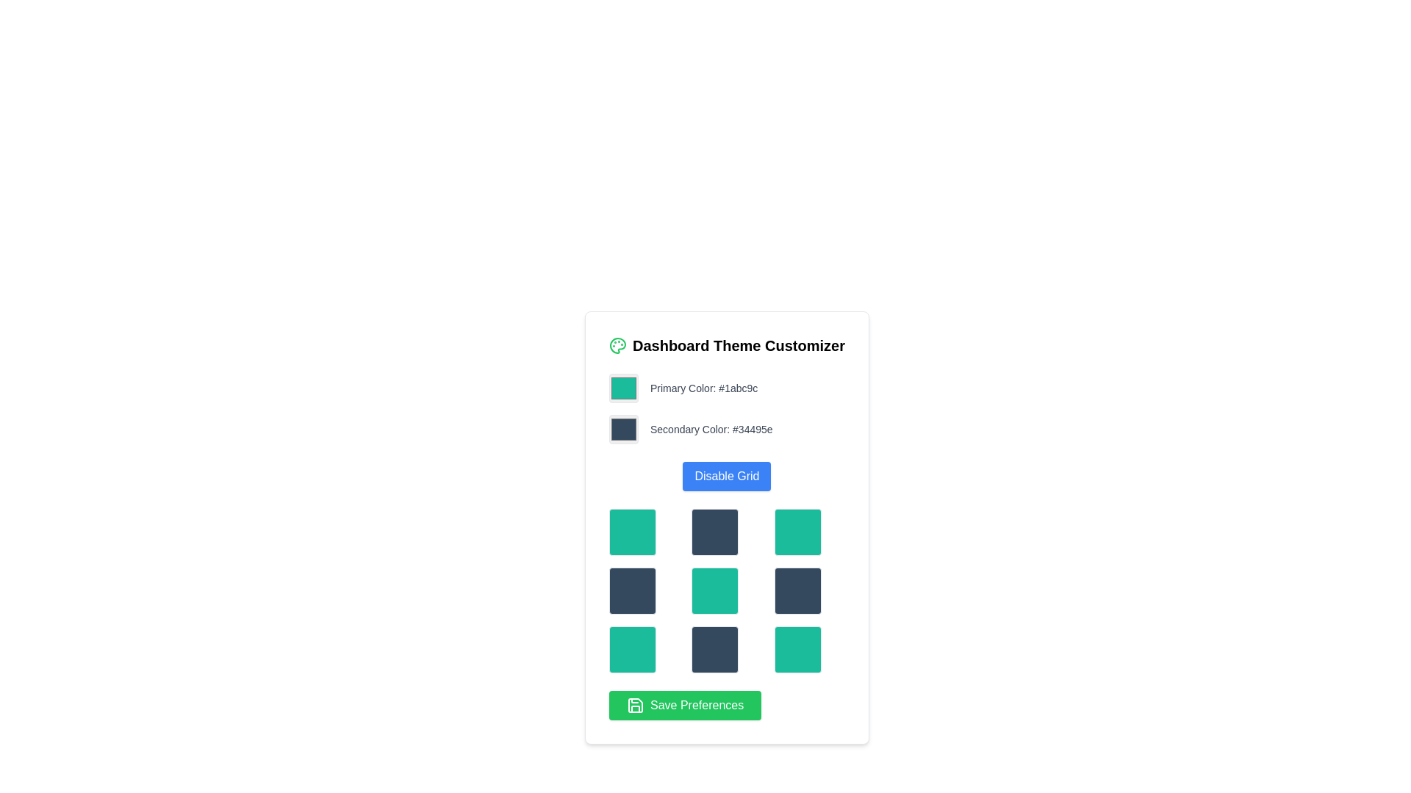 The height and width of the screenshot is (793, 1411). I want to click on the selectable color tile located in the bottom-right corner of the 3x3 grid layout, so click(797, 648).